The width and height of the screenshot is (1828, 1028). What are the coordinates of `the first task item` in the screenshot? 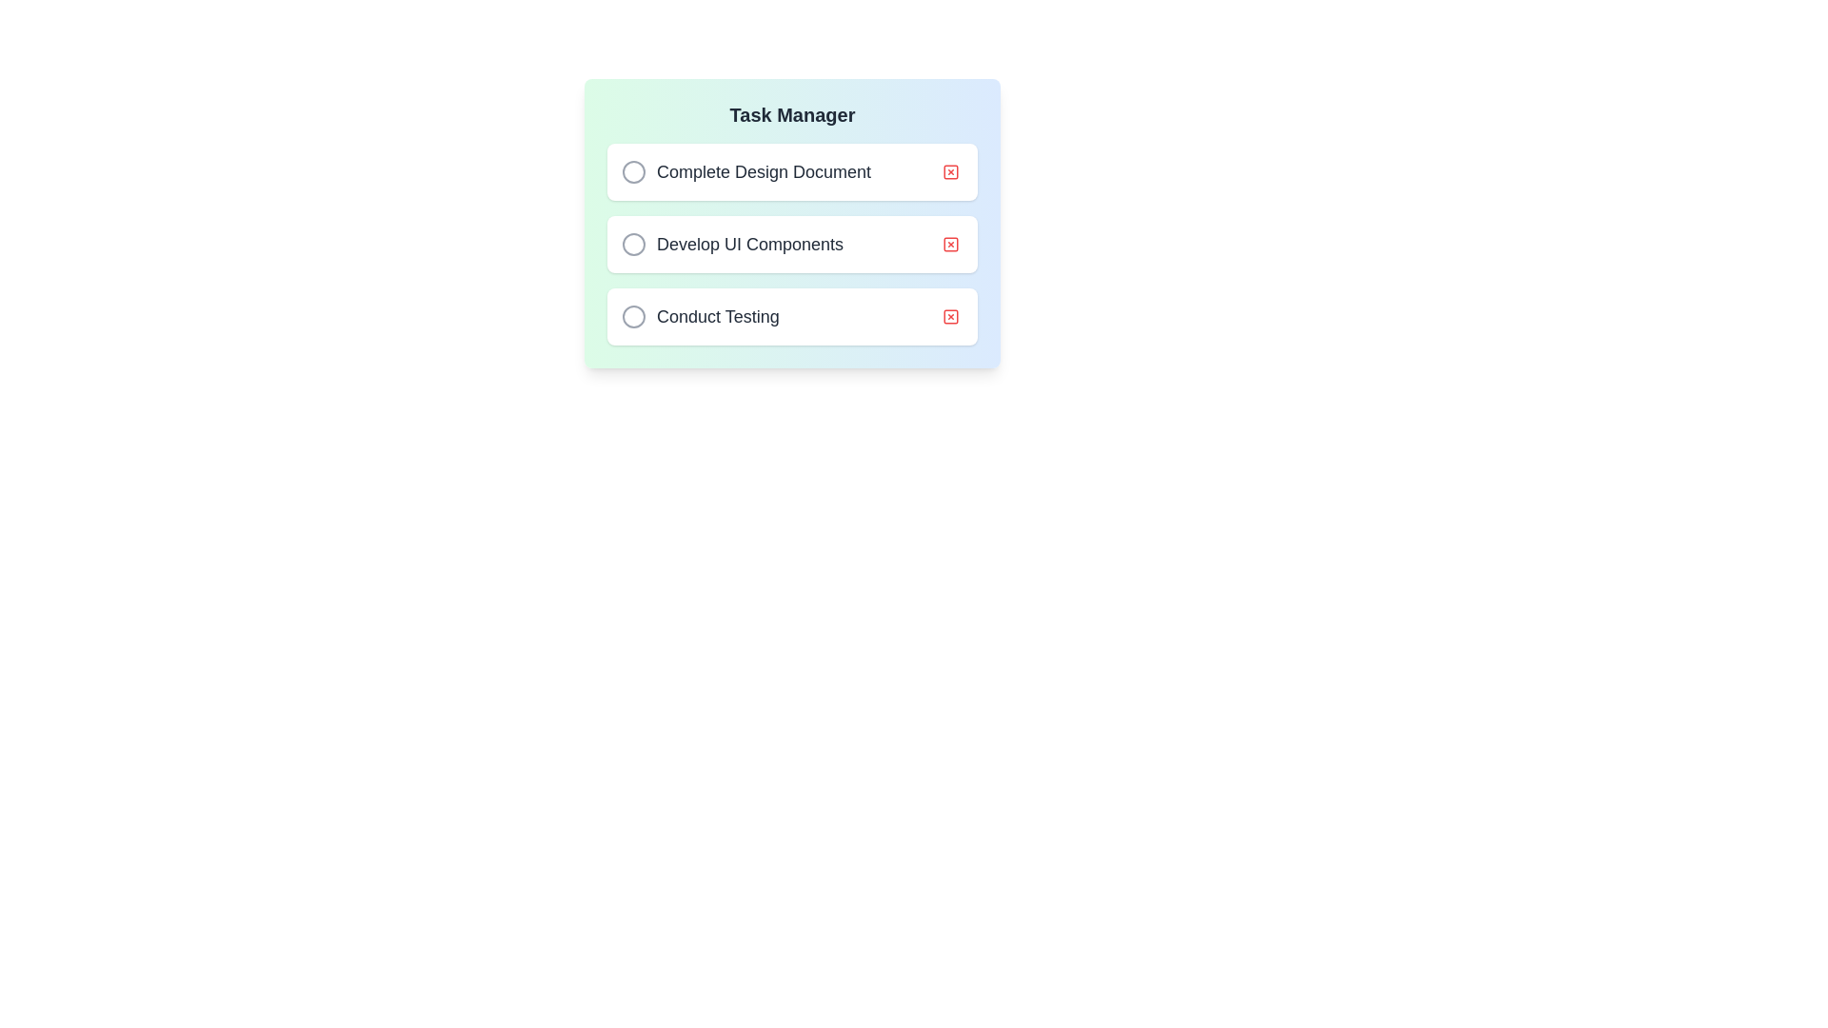 It's located at (745, 172).